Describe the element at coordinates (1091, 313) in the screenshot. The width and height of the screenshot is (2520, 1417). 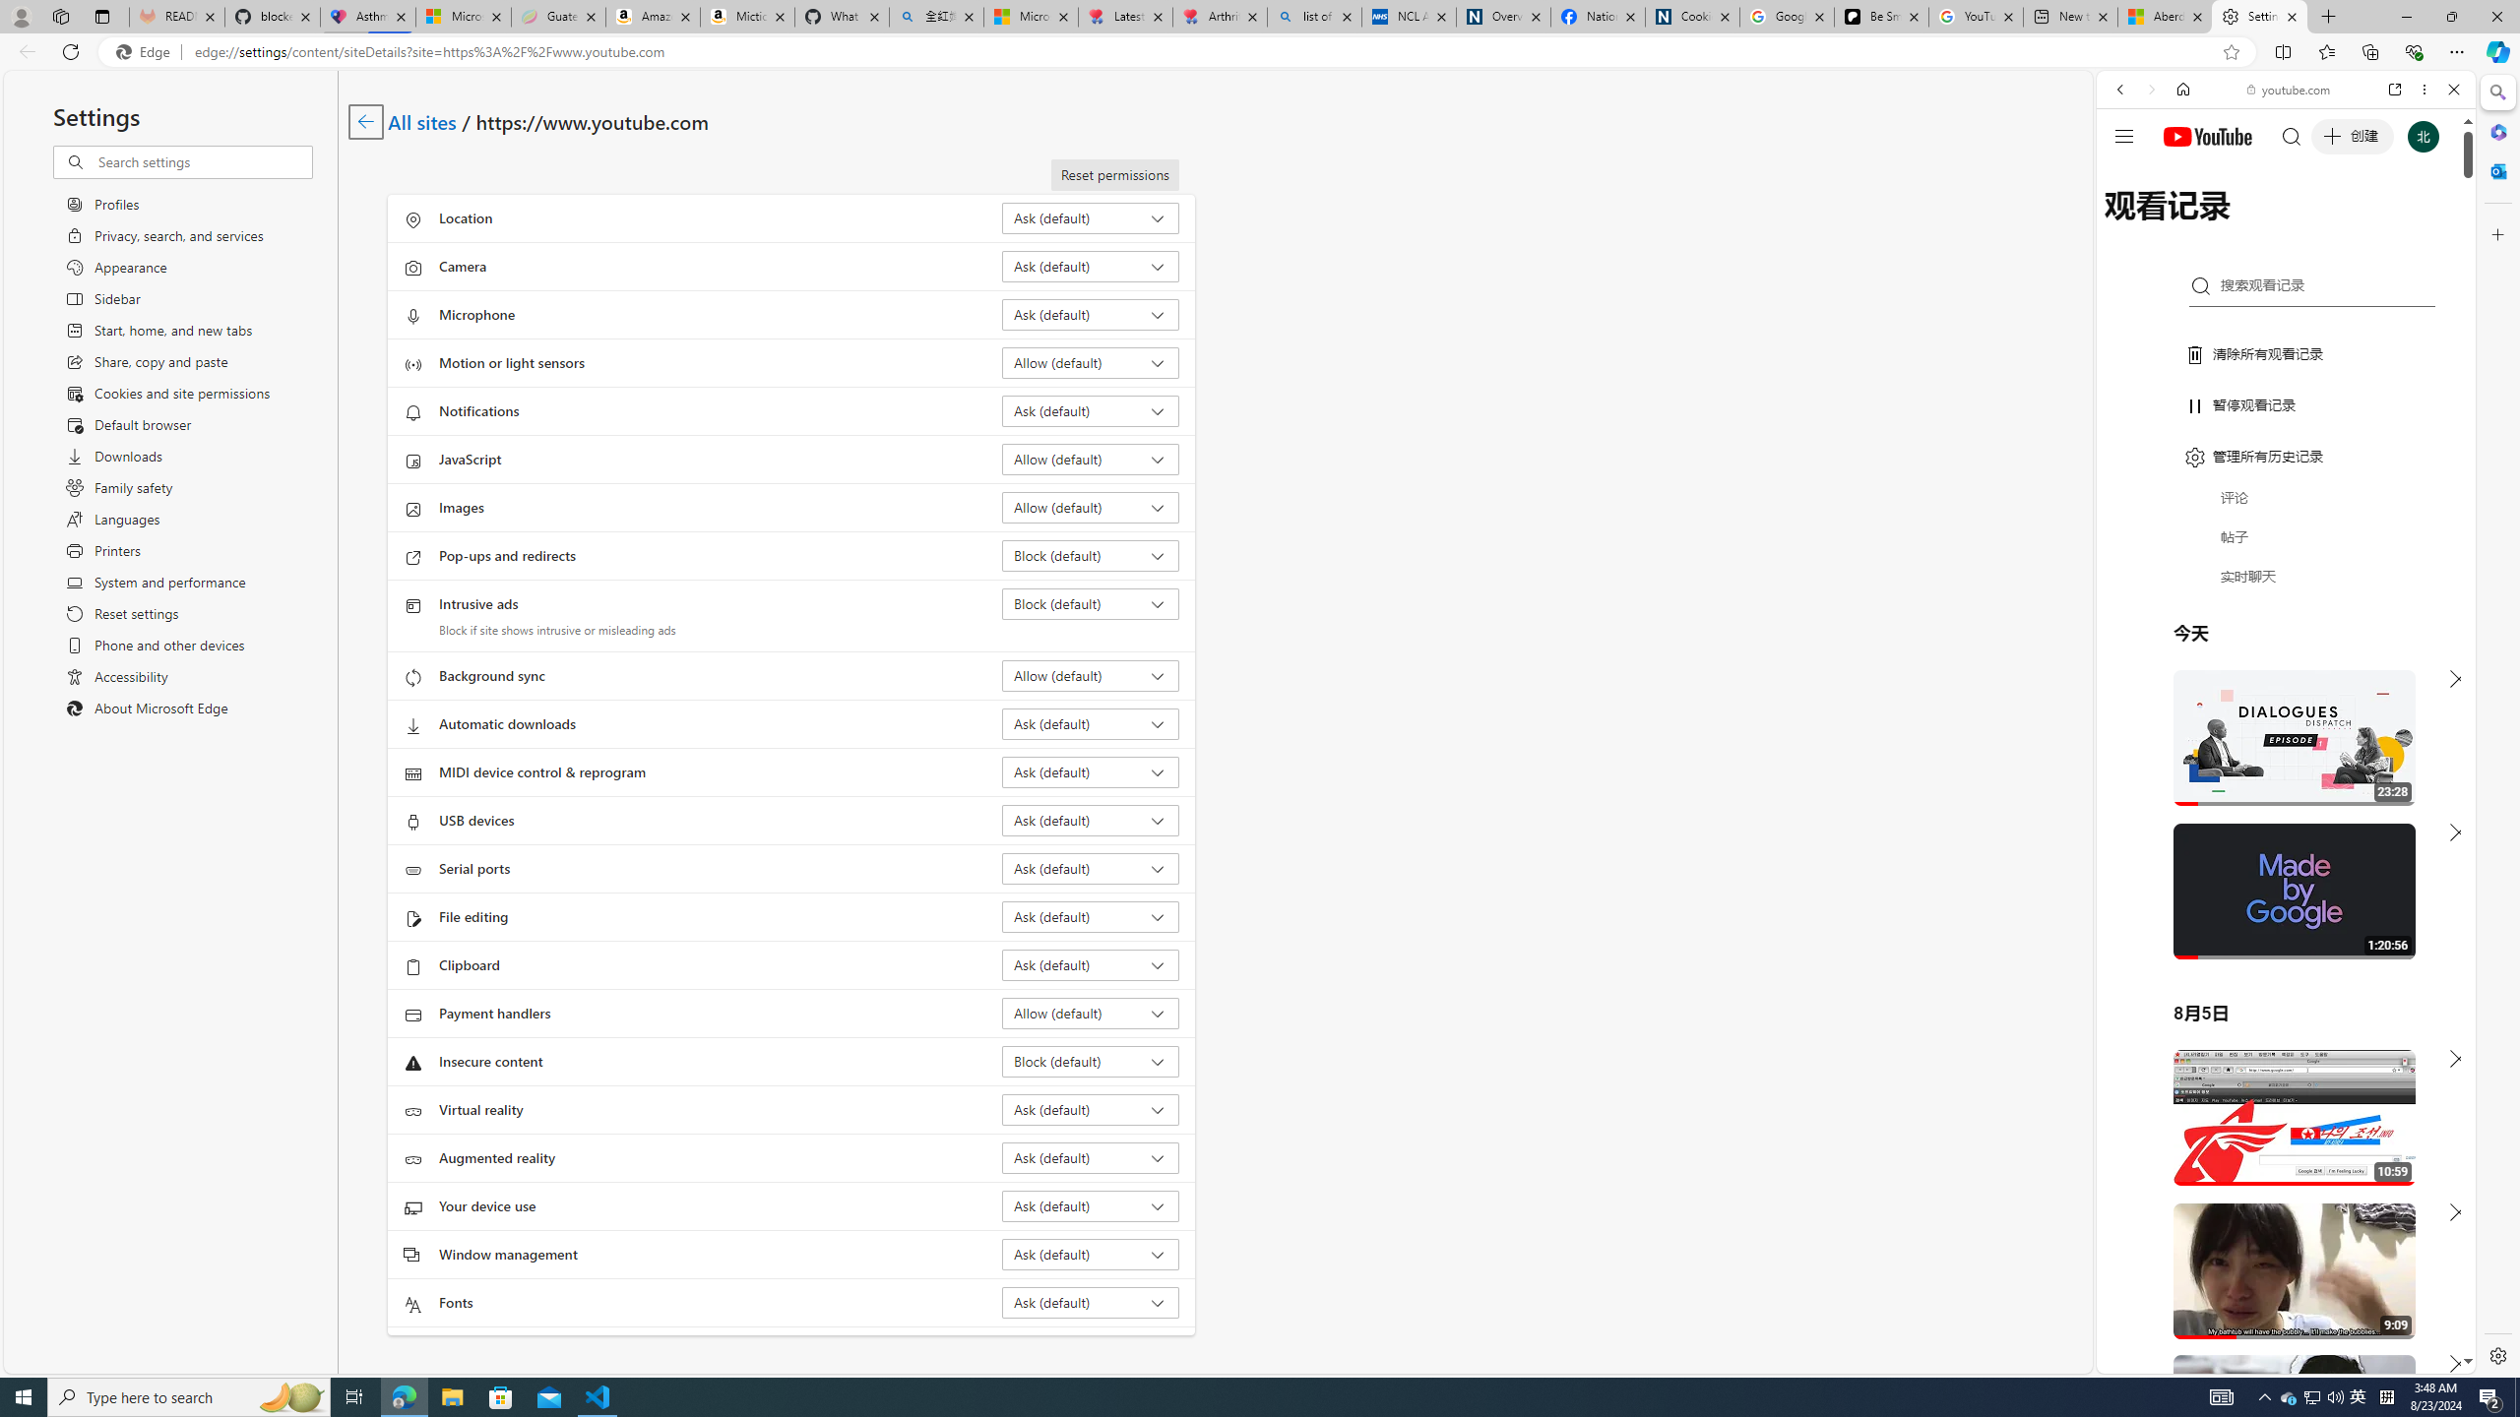
I see `'Microphone Ask (default)'` at that location.